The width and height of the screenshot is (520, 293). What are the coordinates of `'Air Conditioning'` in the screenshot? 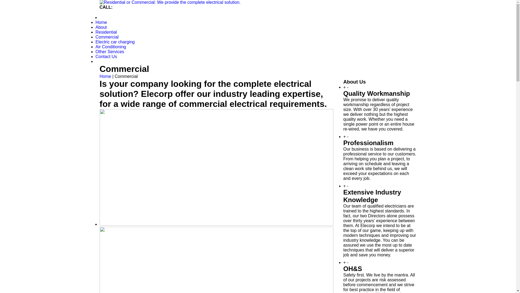 It's located at (110, 46).